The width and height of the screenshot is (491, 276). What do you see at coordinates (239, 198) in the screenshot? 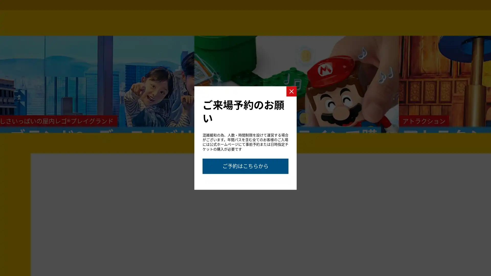
I see `Go to slide 1` at bounding box center [239, 198].